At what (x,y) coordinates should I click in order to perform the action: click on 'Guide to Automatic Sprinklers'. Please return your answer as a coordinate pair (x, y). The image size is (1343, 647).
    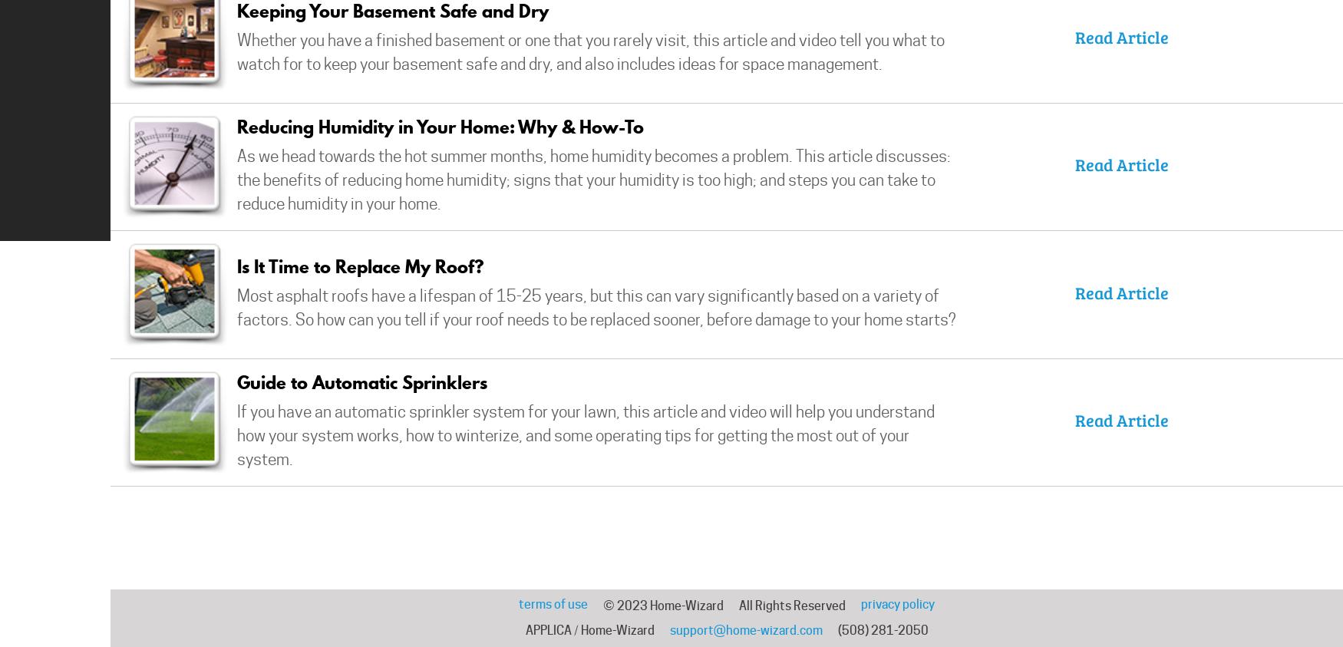
    Looking at the image, I should click on (361, 381).